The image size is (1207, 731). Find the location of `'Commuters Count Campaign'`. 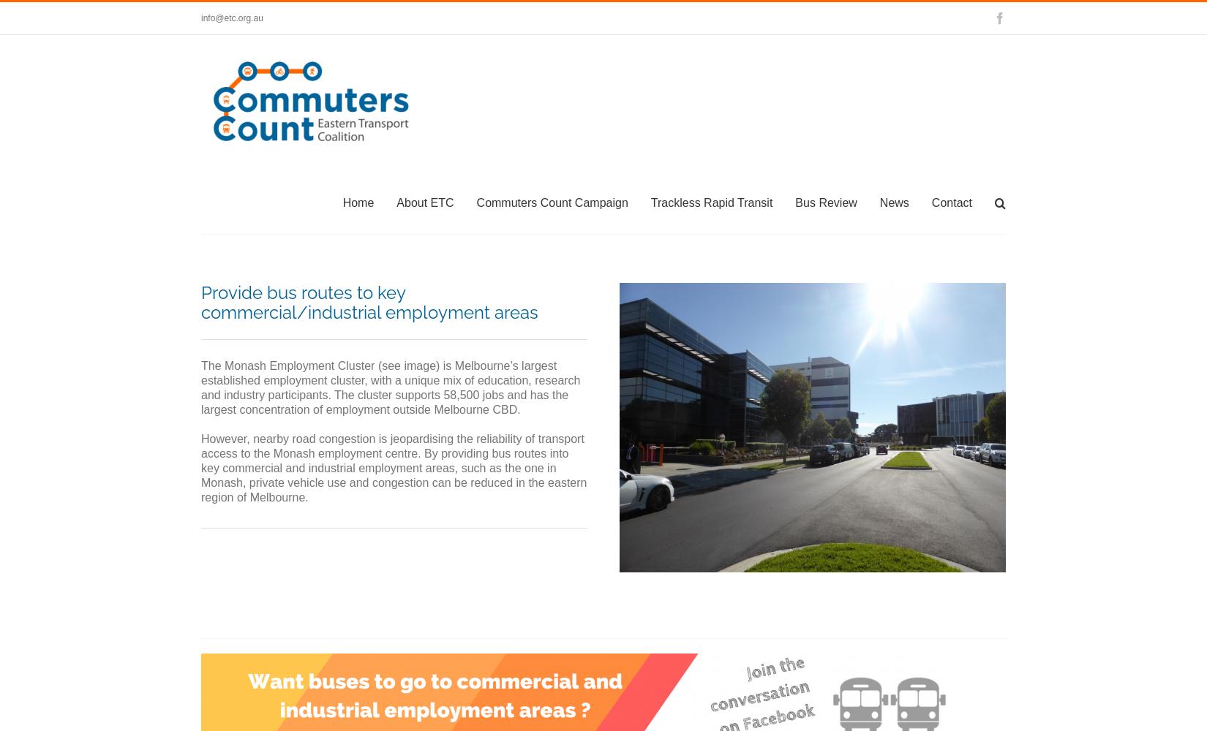

'Commuters Count Campaign' is located at coordinates (551, 202).